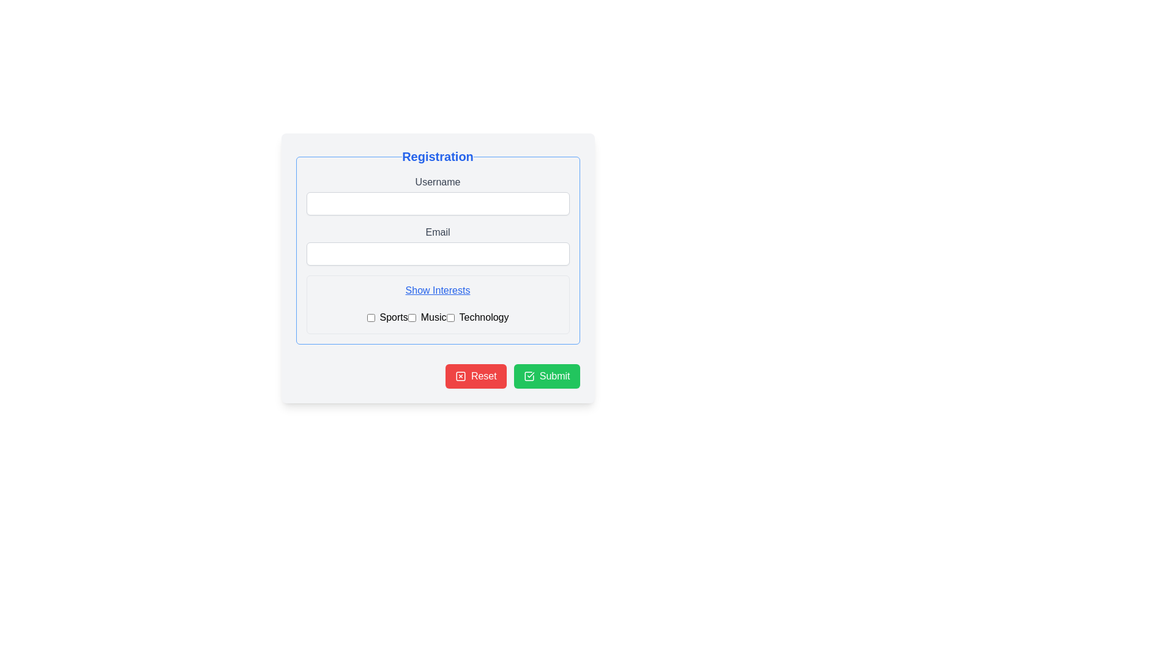  What do you see at coordinates (475, 375) in the screenshot?
I see `the 'Reset' button with a red background and white text, which is located to the left of the 'Submit' button` at bounding box center [475, 375].